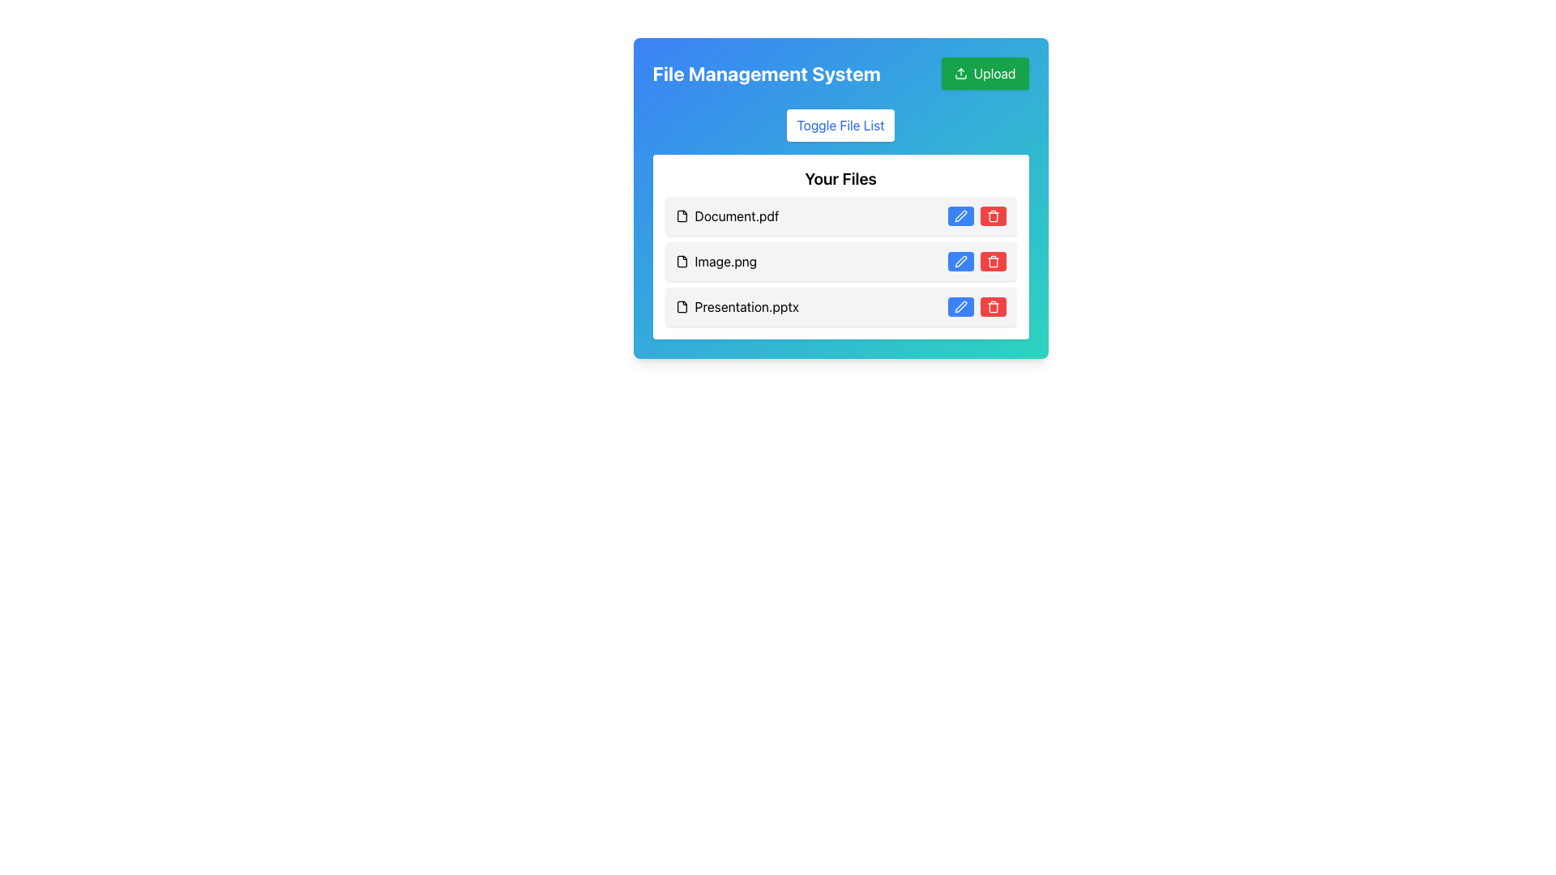 This screenshot has height=875, width=1556. Describe the element at coordinates (960, 215) in the screenshot. I see `the edit button located in the first row of the file list, which is positioned on the right side of the row and is the first interactive button on the left of the adjacent red trash icon button` at that location.